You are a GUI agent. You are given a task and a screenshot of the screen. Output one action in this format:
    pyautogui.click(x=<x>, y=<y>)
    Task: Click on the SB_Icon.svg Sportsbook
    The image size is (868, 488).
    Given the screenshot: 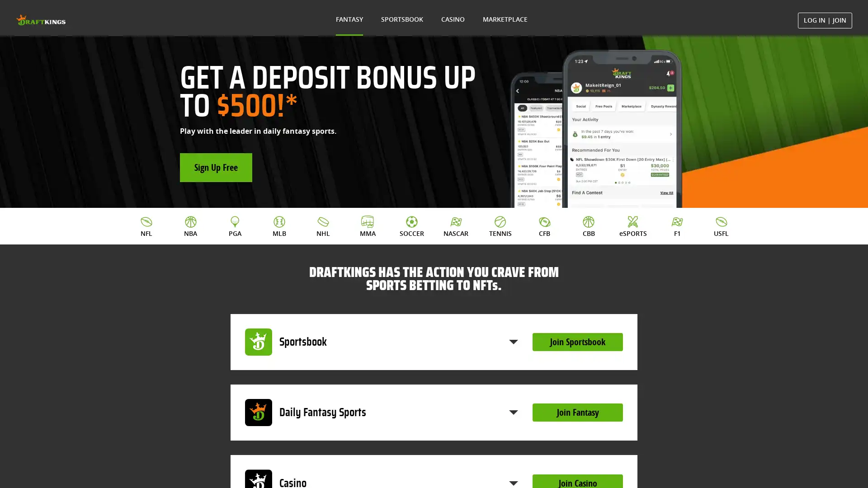 What is the action you would take?
    pyautogui.click(x=382, y=342)
    